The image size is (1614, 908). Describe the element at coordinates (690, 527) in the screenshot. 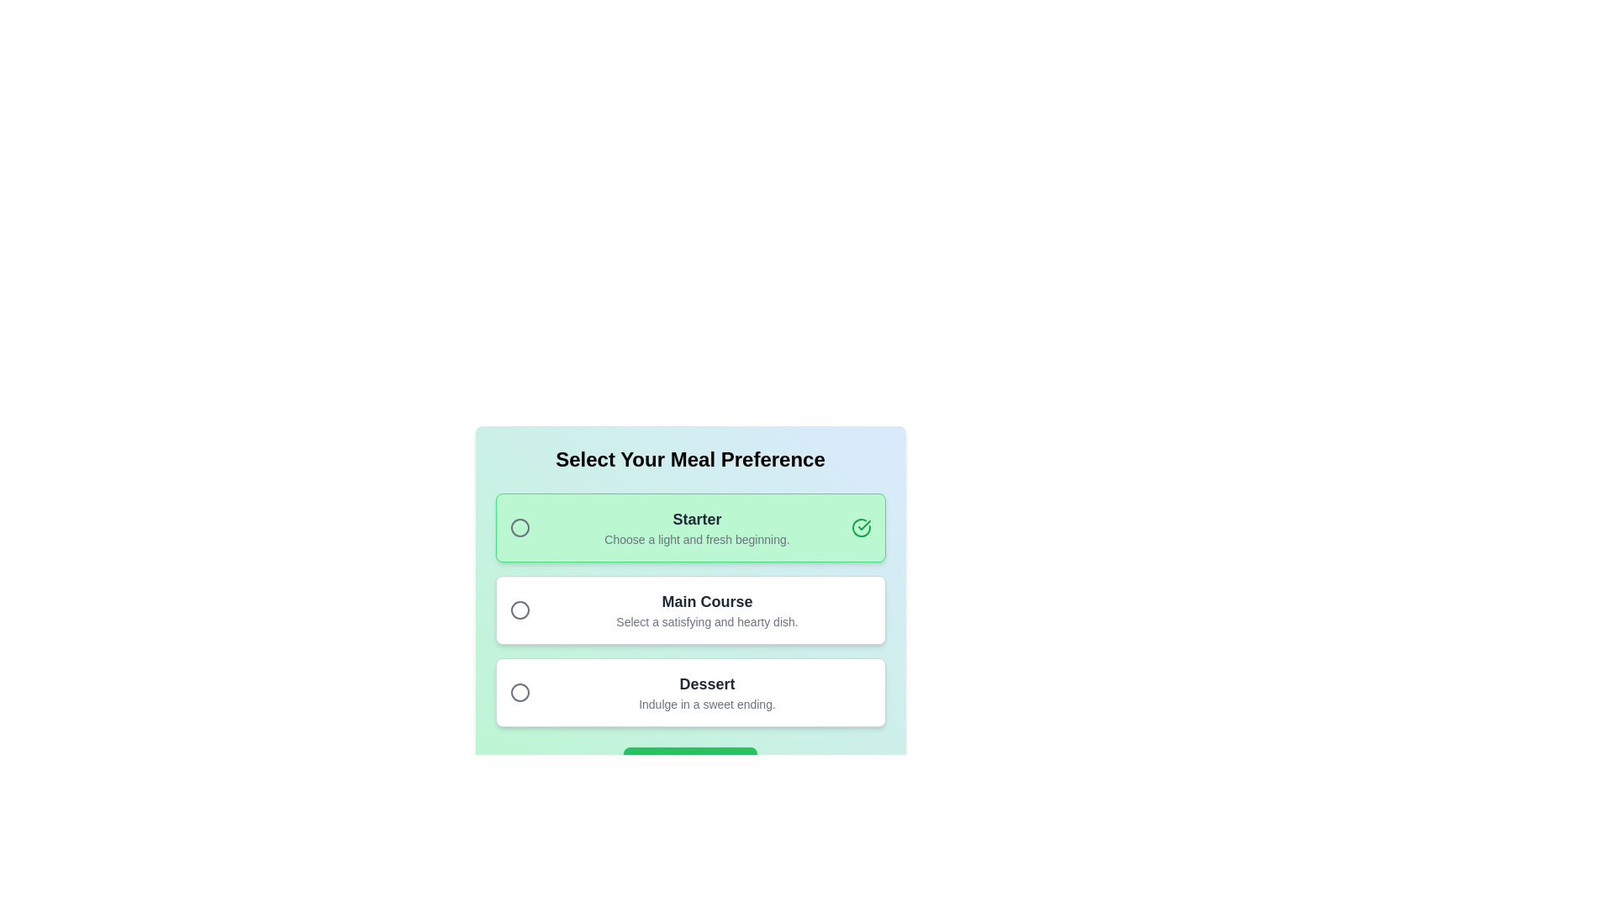

I see `the 'Starter' selection card, which features a light green background, rounded corners, and contains the title 'Starter' in bold with a subtitle below` at that location.